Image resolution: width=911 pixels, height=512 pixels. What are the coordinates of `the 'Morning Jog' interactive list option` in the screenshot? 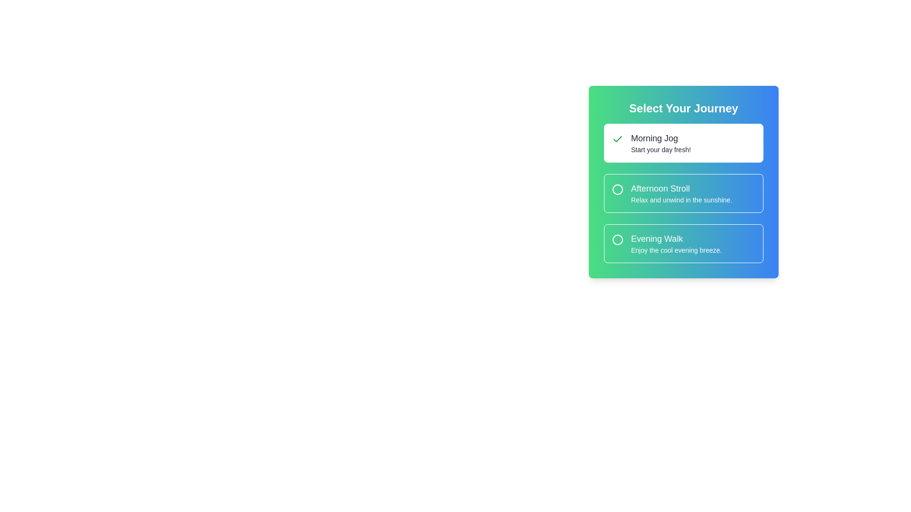 It's located at (683, 143).